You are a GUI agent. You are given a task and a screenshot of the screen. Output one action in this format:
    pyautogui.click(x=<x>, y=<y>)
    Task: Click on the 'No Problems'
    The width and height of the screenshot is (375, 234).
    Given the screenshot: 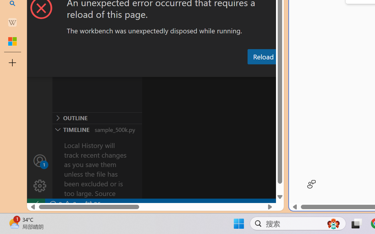 What is the action you would take?
    pyautogui.click(x=62, y=204)
    